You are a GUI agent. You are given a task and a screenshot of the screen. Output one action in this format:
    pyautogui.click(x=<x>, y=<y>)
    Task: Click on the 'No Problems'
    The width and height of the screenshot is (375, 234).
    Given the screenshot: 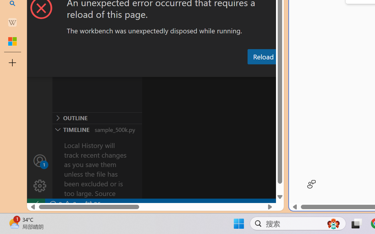 What is the action you would take?
    pyautogui.click(x=62, y=204)
    